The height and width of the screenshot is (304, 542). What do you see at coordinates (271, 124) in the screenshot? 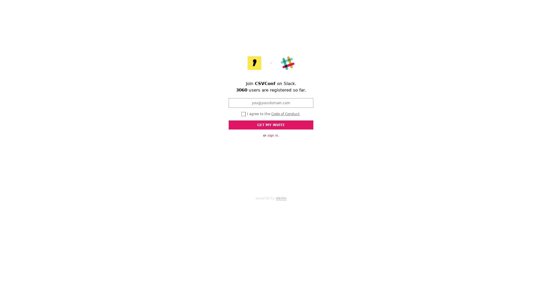
I see `GET MY INVITE` at bounding box center [271, 124].